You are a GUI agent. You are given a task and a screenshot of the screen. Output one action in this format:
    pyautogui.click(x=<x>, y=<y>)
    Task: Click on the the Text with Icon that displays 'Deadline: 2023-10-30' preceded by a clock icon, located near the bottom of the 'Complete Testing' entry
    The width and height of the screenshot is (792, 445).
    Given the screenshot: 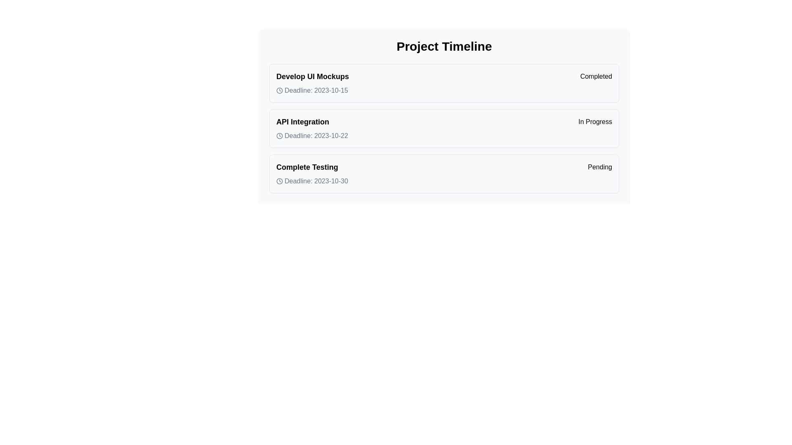 What is the action you would take?
    pyautogui.click(x=311, y=180)
    